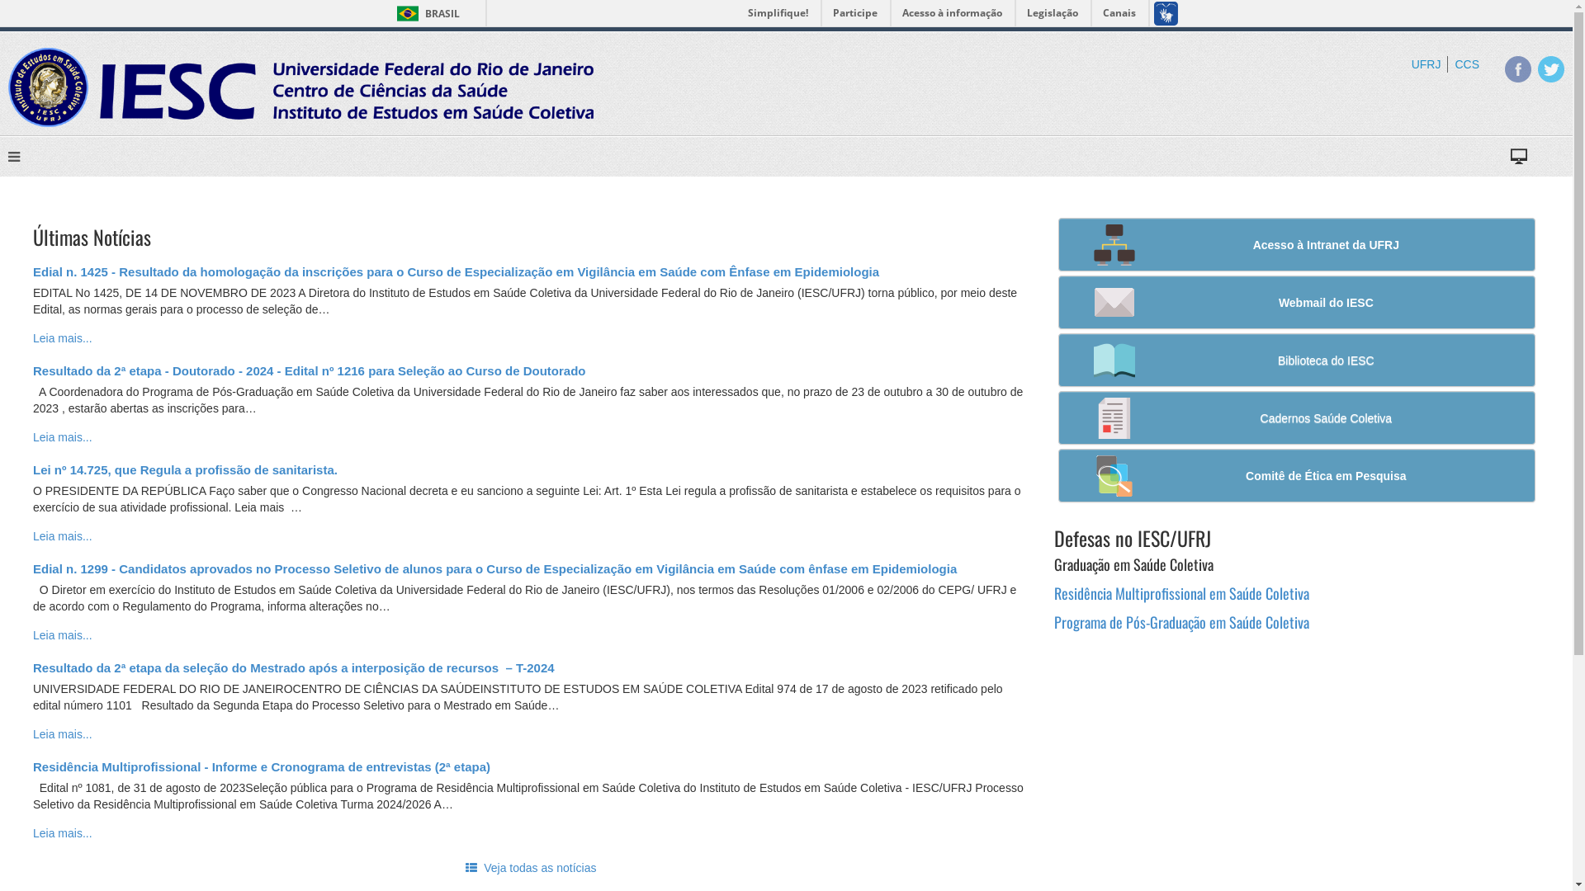 The image size is (1585, 891). What do you see at coordinates (63, 833) in the screenshot?
I see `'Leia mais...'` at bounding box center [63, 833].